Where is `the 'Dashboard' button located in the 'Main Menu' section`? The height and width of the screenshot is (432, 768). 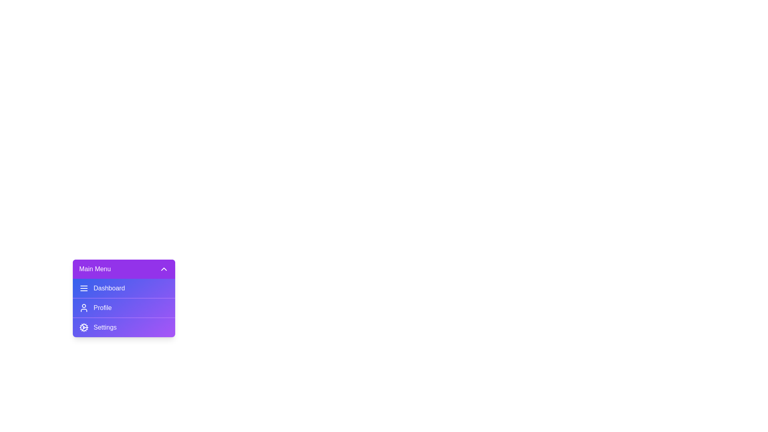
the 'Dashboard' button located in the 'Main Menu' section is located at coordinates (124, 288).